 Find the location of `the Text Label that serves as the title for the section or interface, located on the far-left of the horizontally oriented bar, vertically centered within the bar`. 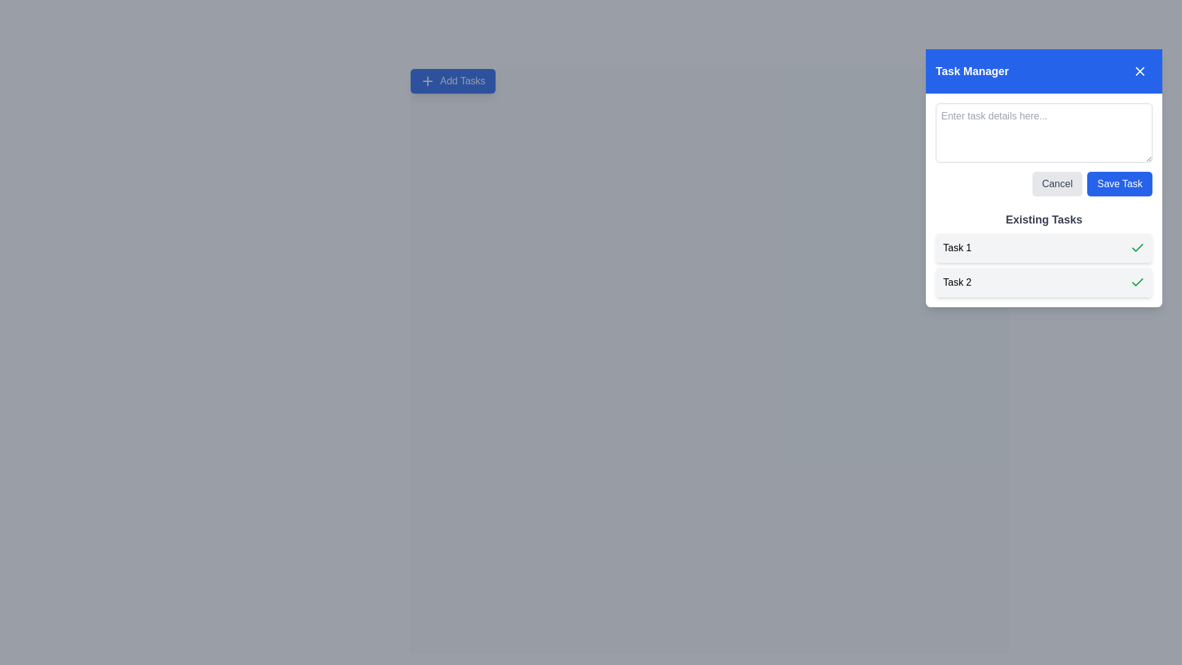

the Text Label that serves as the title for the section or interface, located on the far-left of the horizontally oriented bar, vertically centered within the bar is located at coordinates (971, 71).